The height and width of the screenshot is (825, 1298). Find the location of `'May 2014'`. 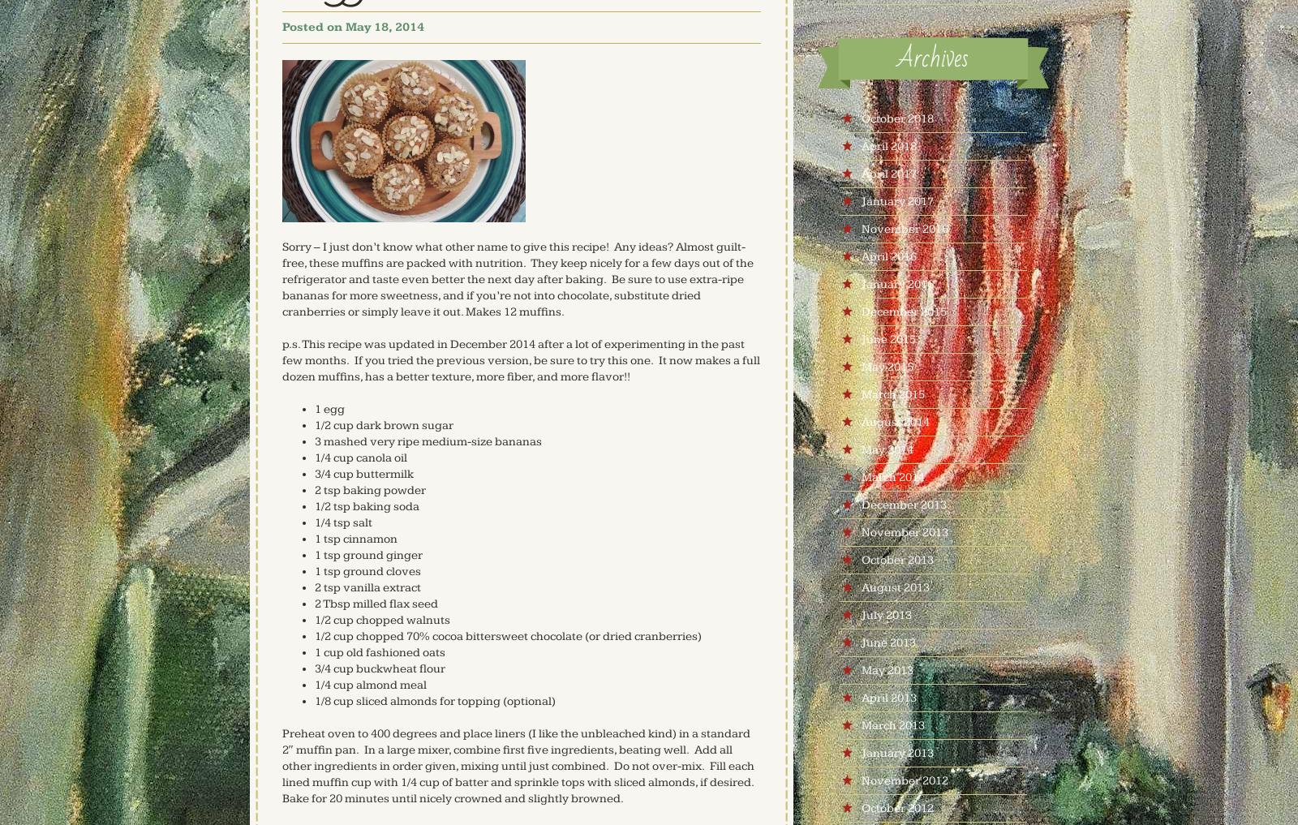

'May 2014' is located at coordinates (886, 449).